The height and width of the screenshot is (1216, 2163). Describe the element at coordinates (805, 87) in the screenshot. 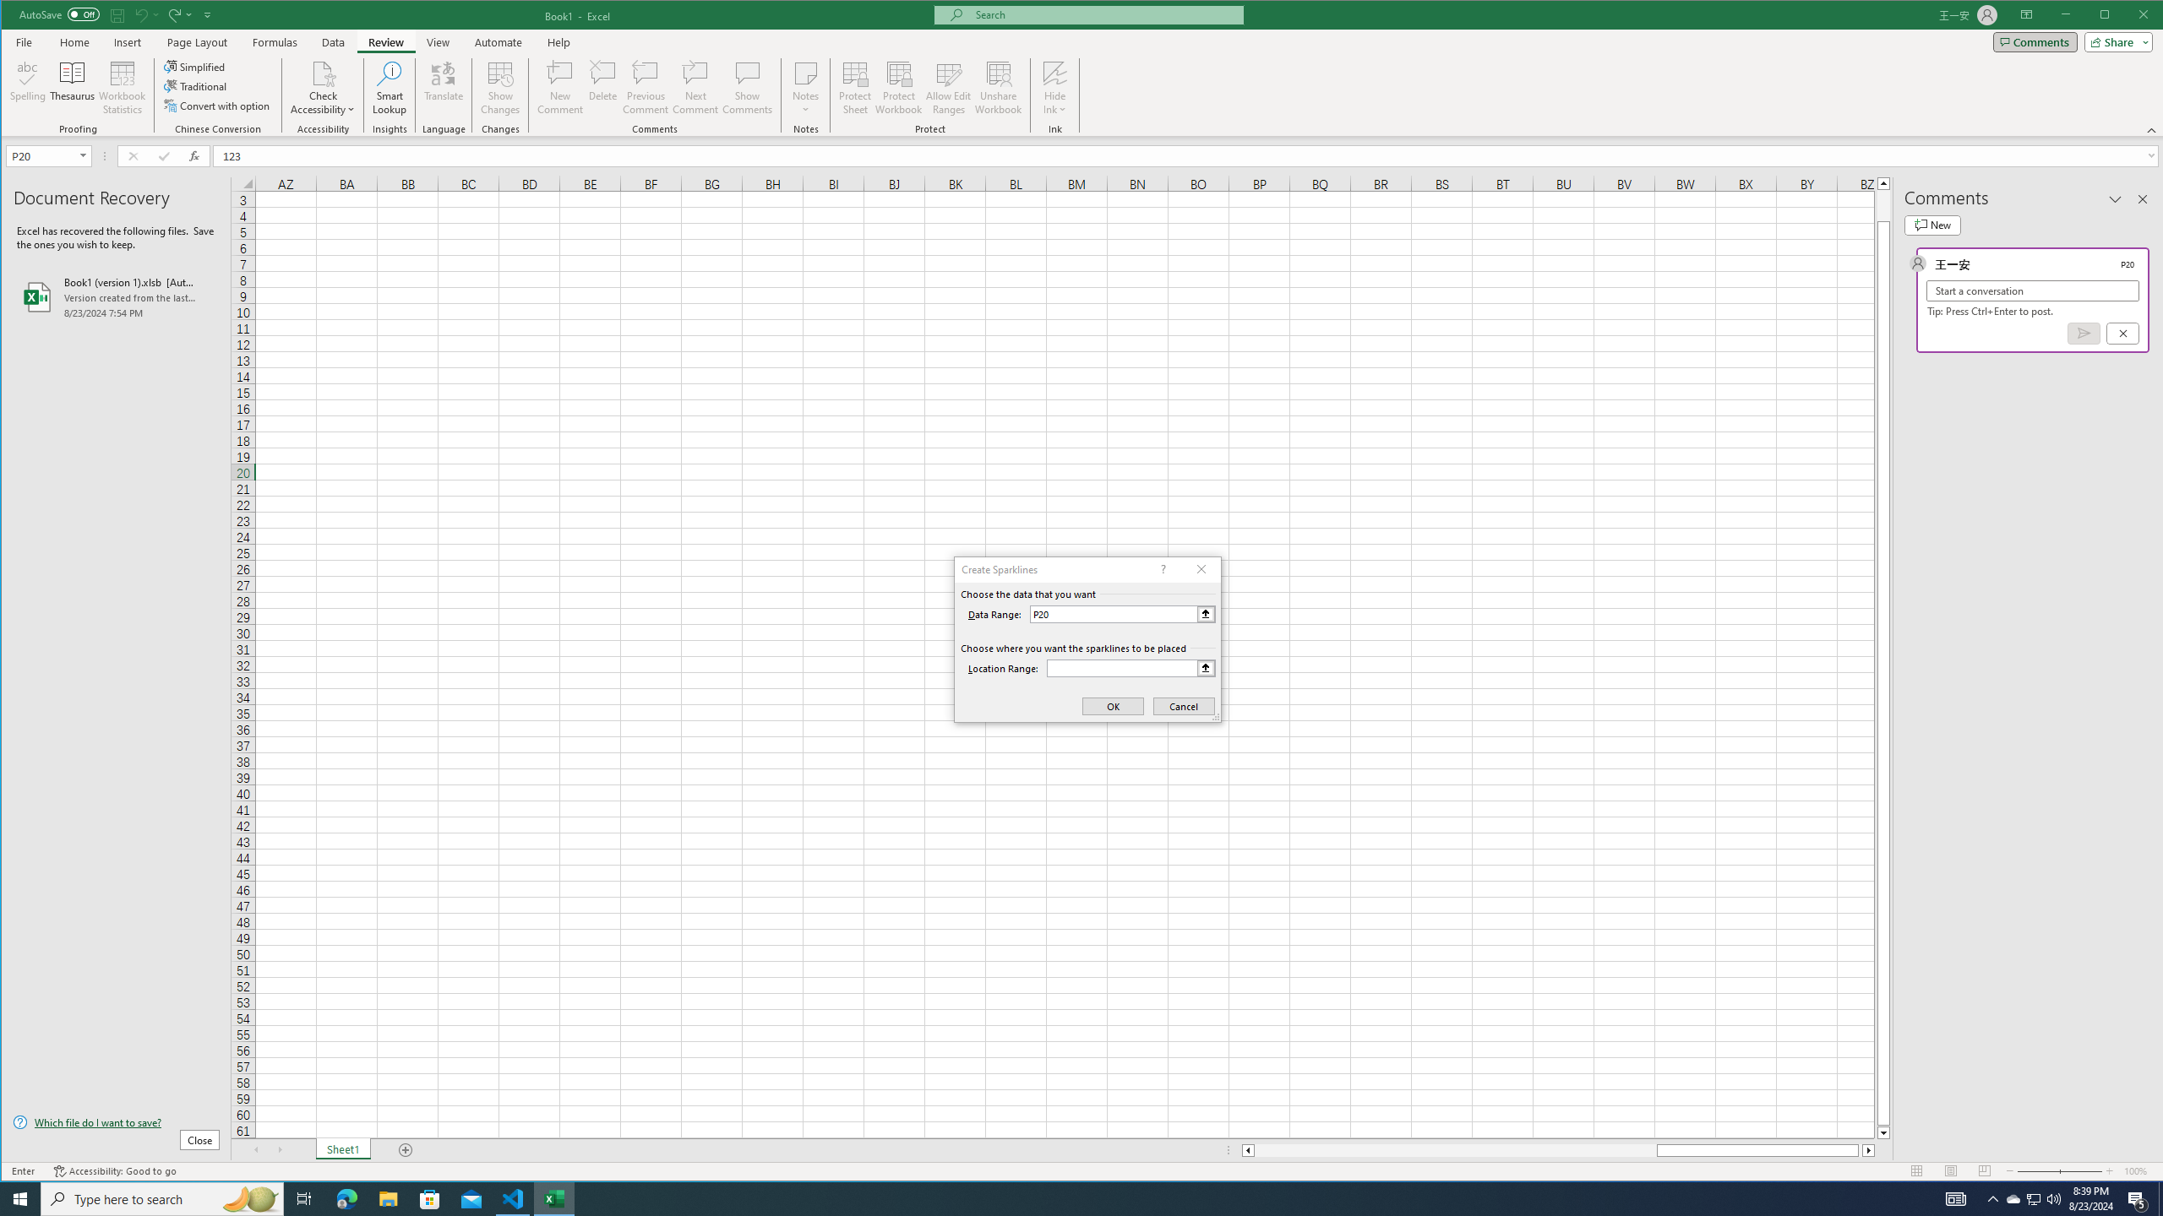

I see `'Notes'` at that location.